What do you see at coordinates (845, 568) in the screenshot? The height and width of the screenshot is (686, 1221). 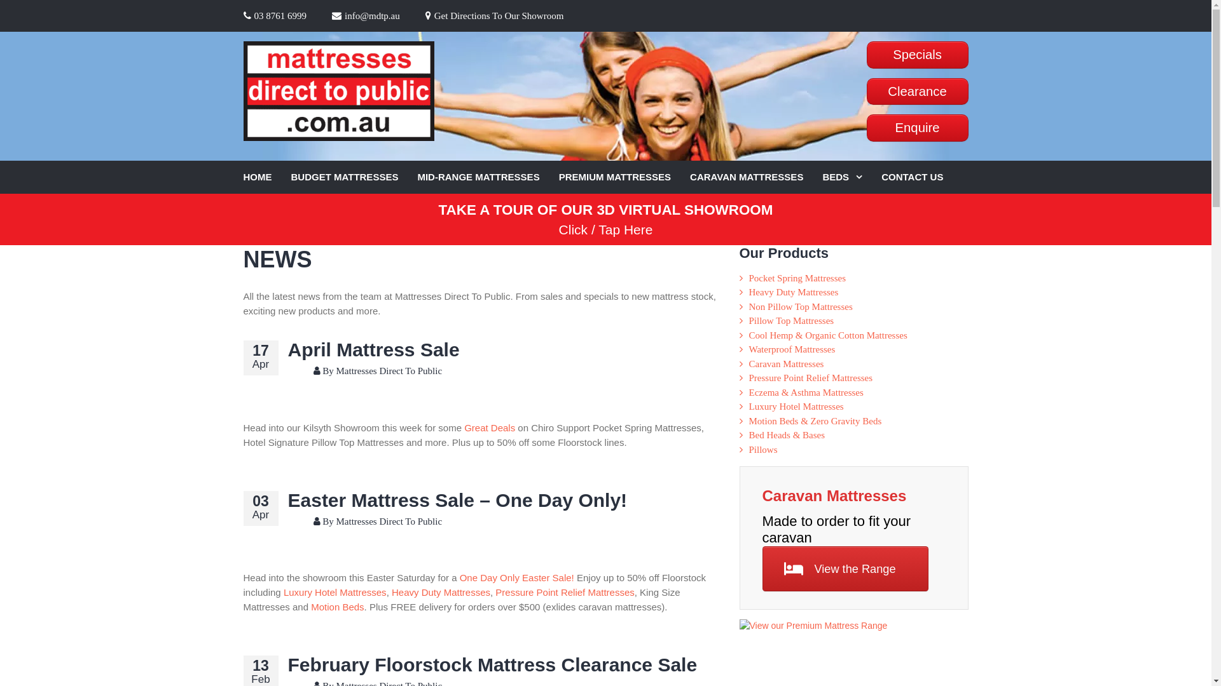 I see `'View the Range'` at bounding box center [845, 568].